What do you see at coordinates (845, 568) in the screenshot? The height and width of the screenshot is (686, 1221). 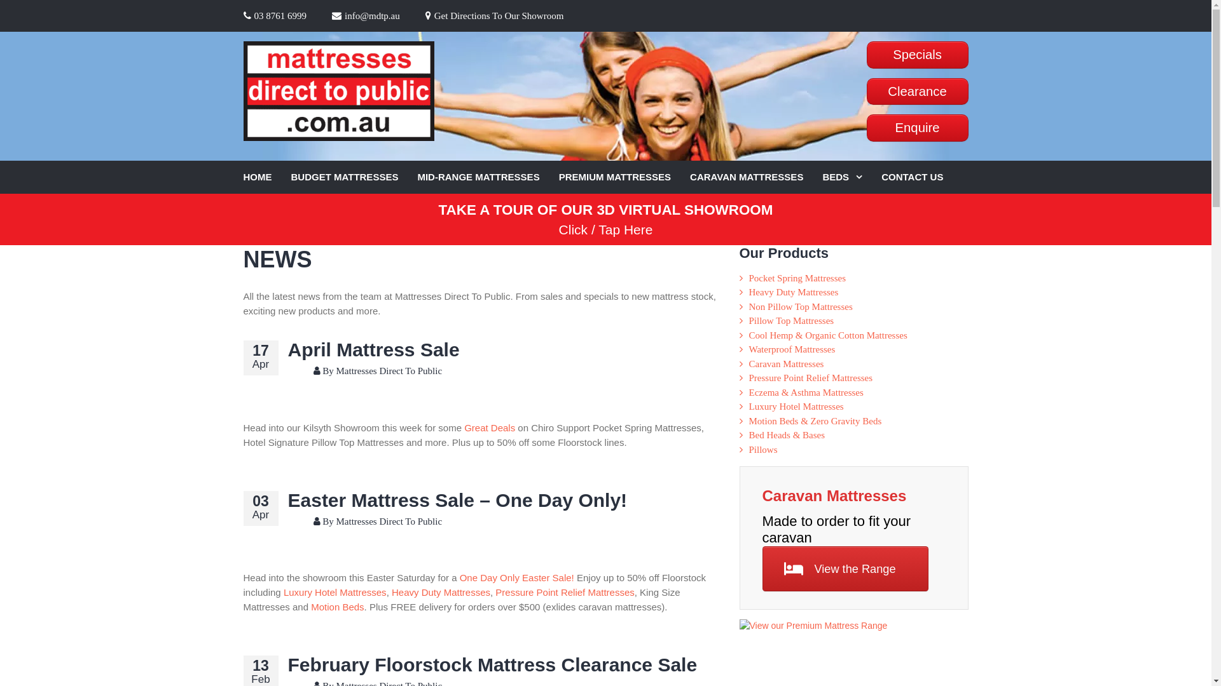 I see `'View the Range'` at bounding box center [845, 568].